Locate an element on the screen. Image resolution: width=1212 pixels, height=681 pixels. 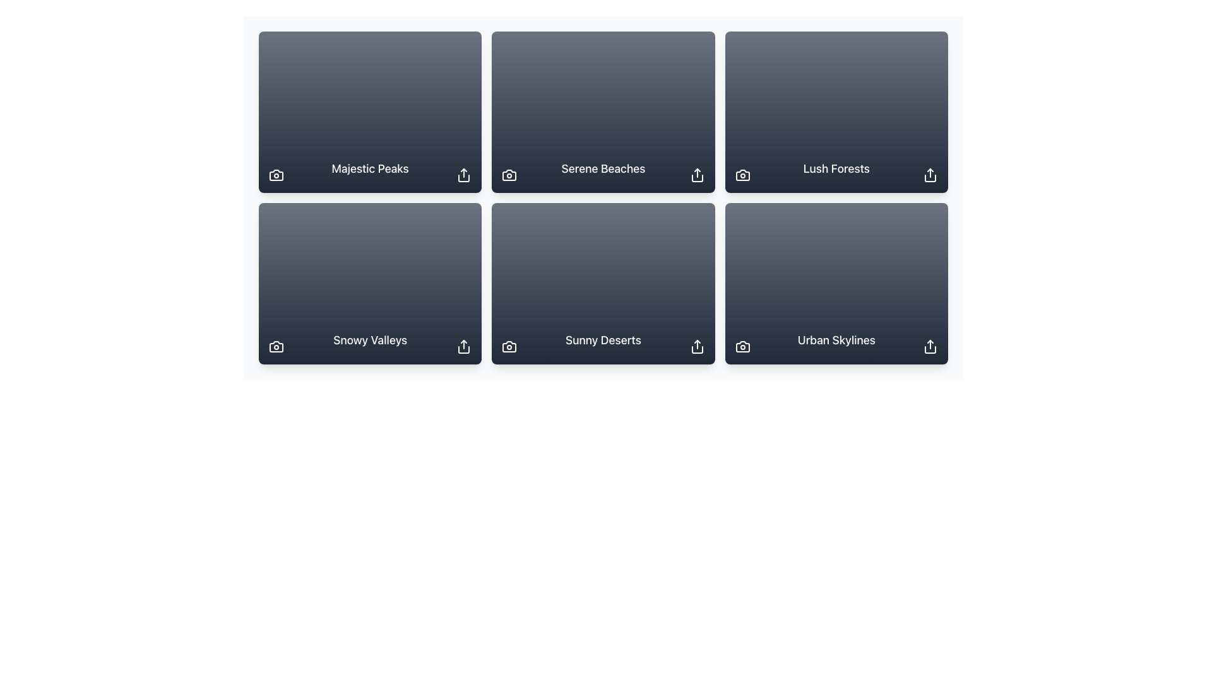
the share icon located at the bottom-right corner of the 'Urban Skylines' card to initiate sharing is located at coordinates (930, 347).